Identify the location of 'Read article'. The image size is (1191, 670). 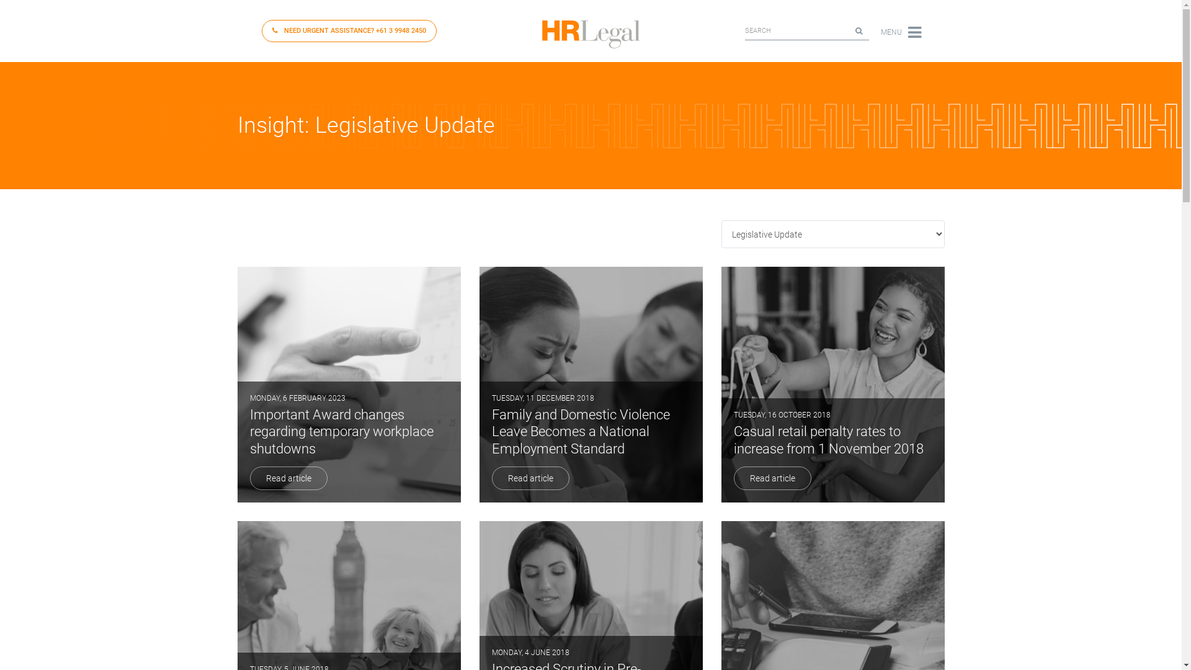
(530, 478).